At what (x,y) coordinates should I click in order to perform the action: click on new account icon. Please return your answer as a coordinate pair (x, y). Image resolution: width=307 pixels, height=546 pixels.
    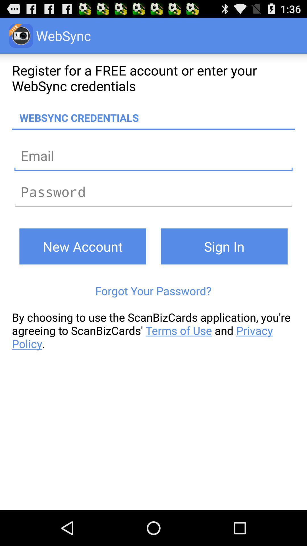
    Looking at the image, I should click on (82, 246).